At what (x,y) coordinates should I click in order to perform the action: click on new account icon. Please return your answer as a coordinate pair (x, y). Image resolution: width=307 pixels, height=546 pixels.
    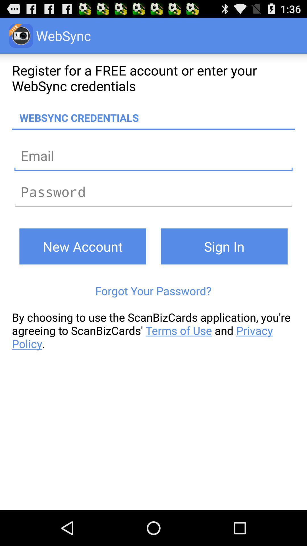
    Looking at the image, I should click on (82, 246).